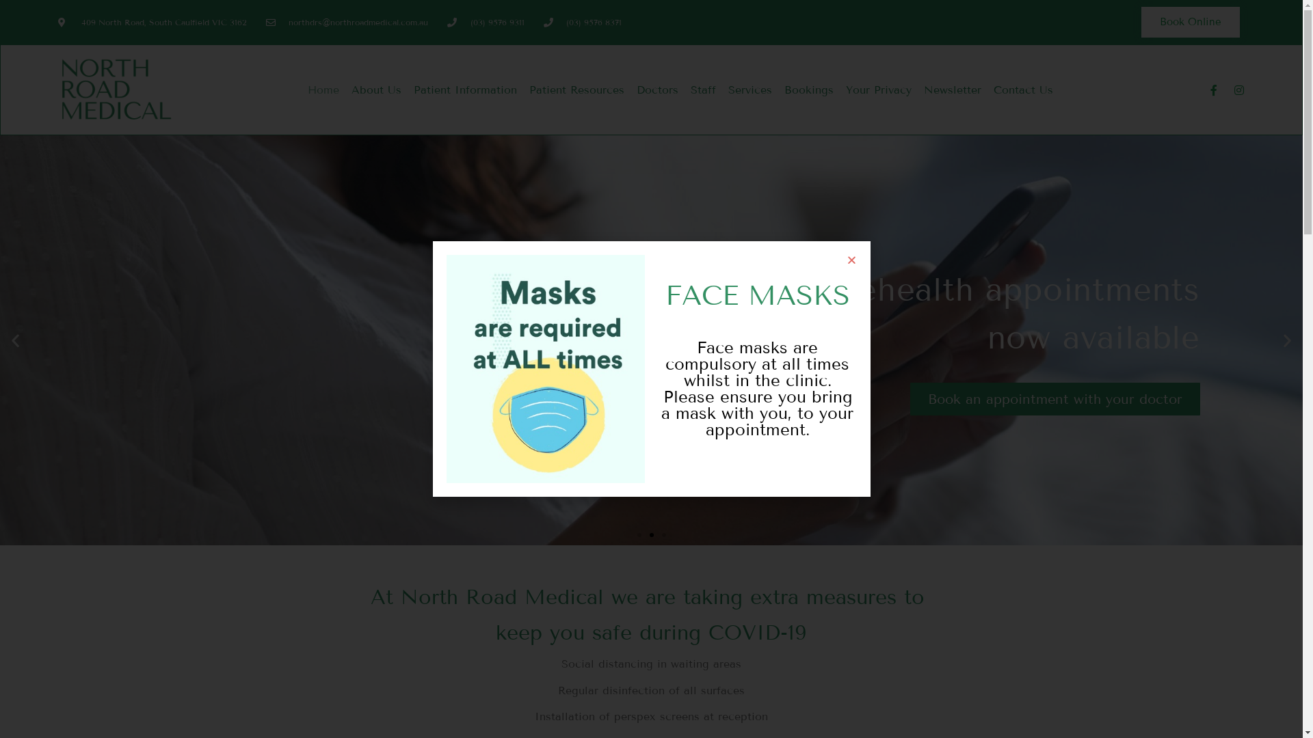 The image size is (1313, 738). Describe the element at coordinates (1023, 90) in the screenshot. I see `'Contact Us'` at that location.